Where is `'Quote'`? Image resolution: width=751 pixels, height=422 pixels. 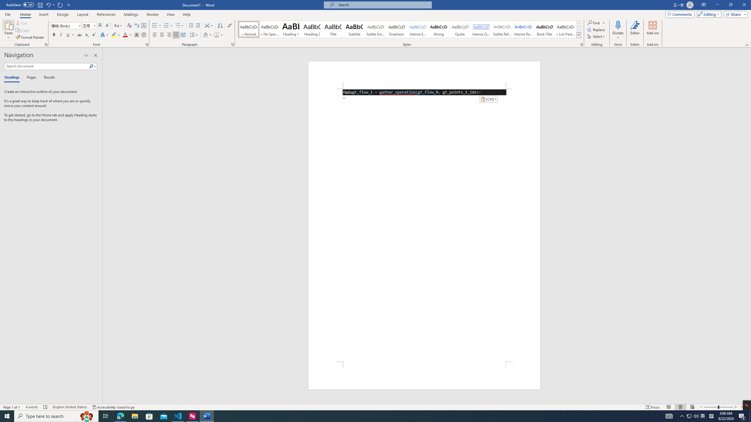 'Quote' is located at coordinates (460, 29).